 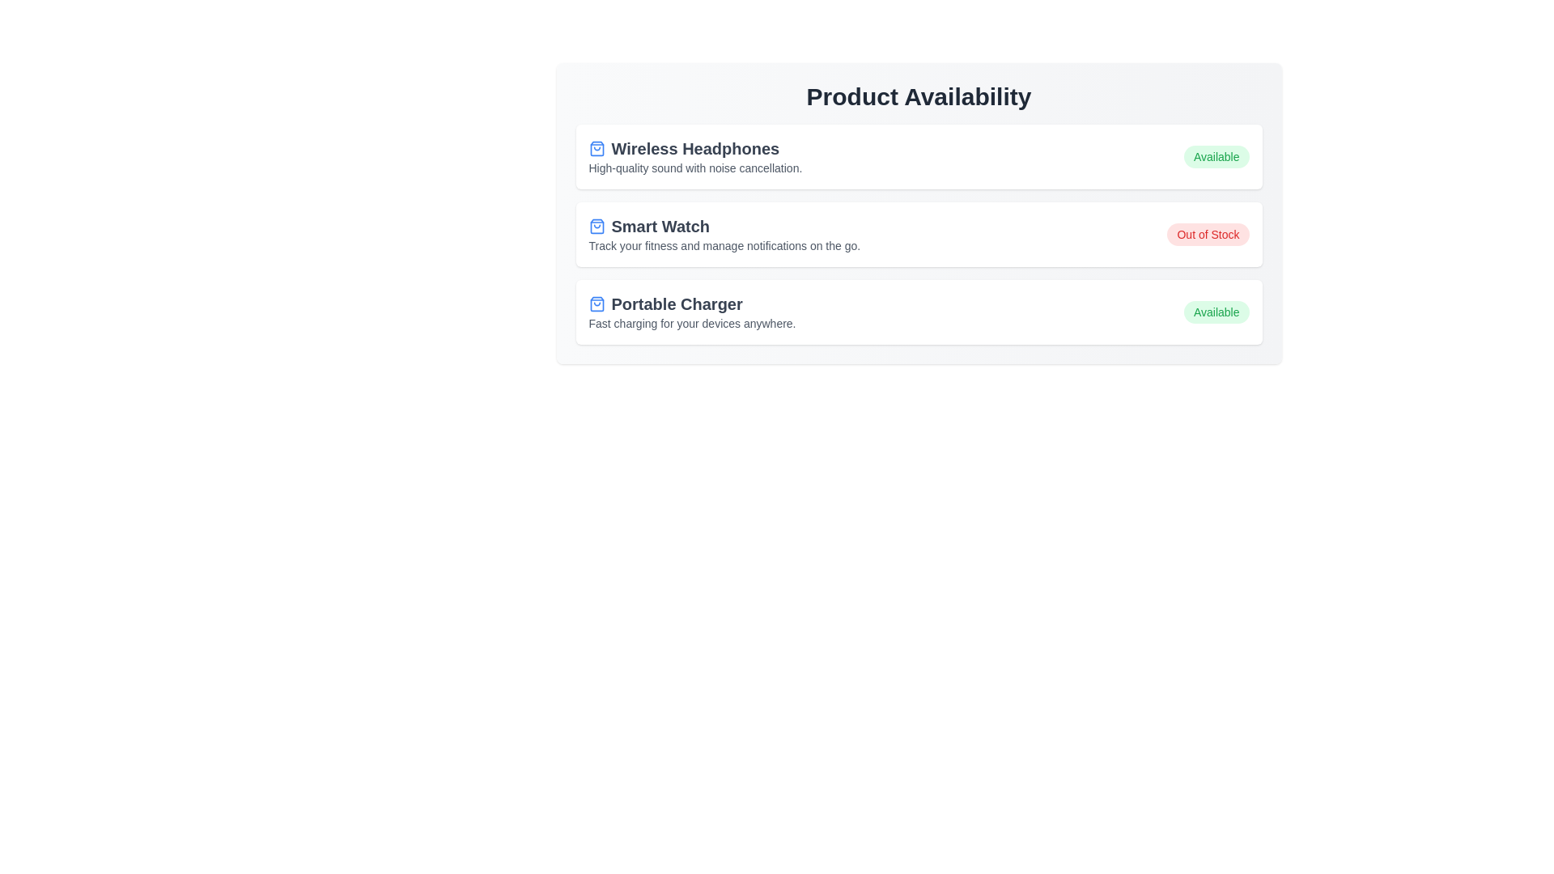 I want to click on the product Portable Charger to reveal additional options, so click(x=919, y=312).